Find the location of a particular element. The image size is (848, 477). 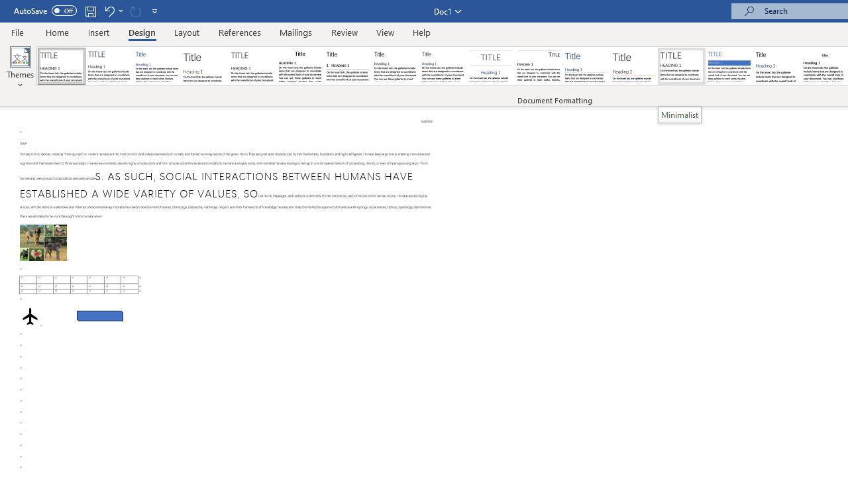

'Word' is located at coordinates (777, 66).